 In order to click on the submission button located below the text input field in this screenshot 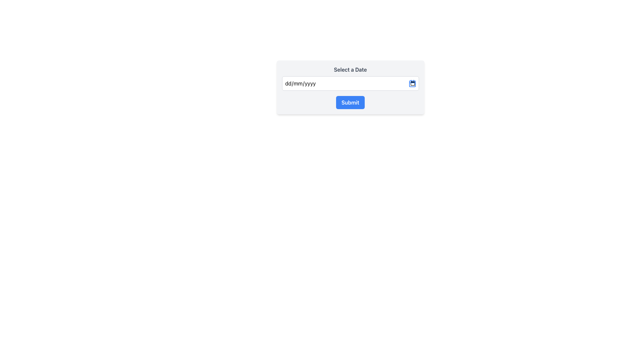, I will do `click(350, 103)`.